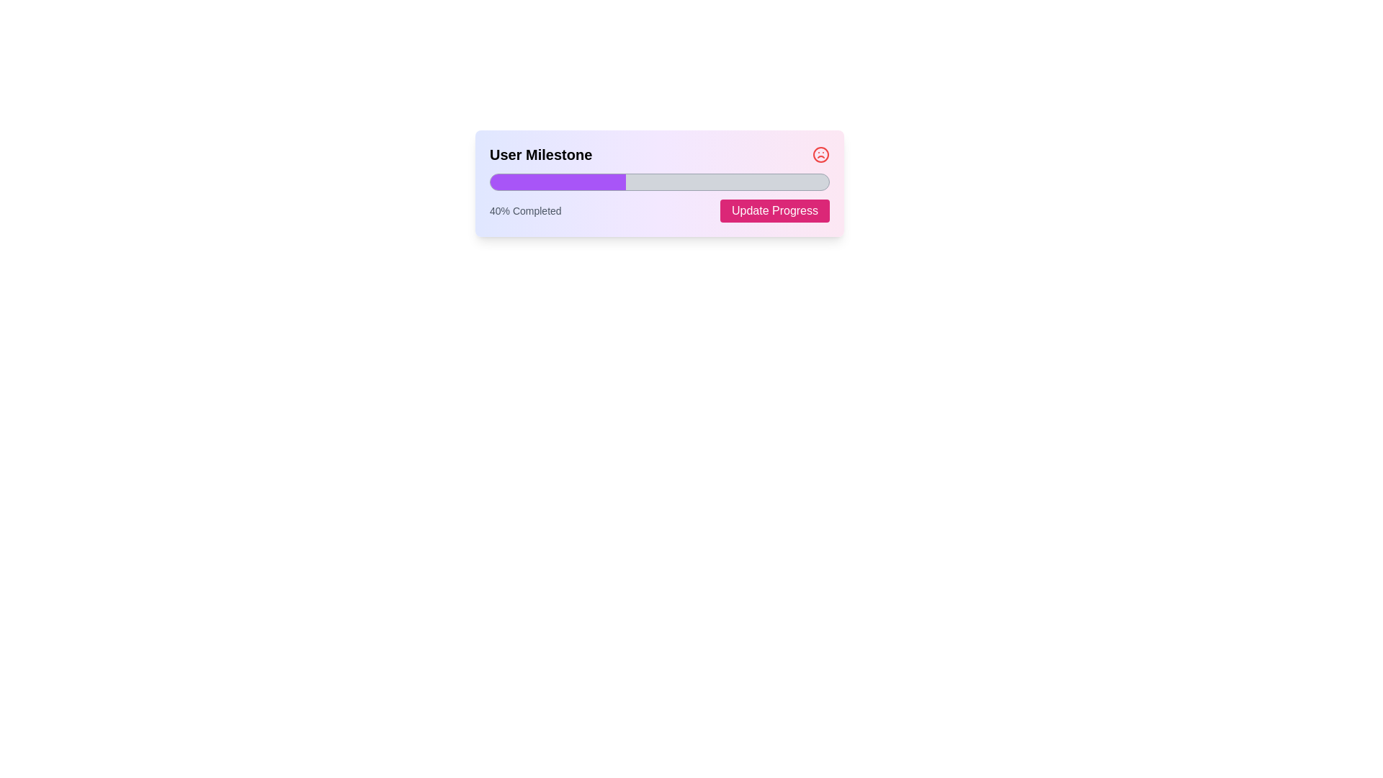 The image size is (1383, 778). Describe the element at coordinates (659, 182) in the screenshot. I see `the progress bar that visually indicates the completion percentage of a task, positioned between the header 'User Milestone' and the '40% Completed' text along with the 'Update Progress' button below` at that location.